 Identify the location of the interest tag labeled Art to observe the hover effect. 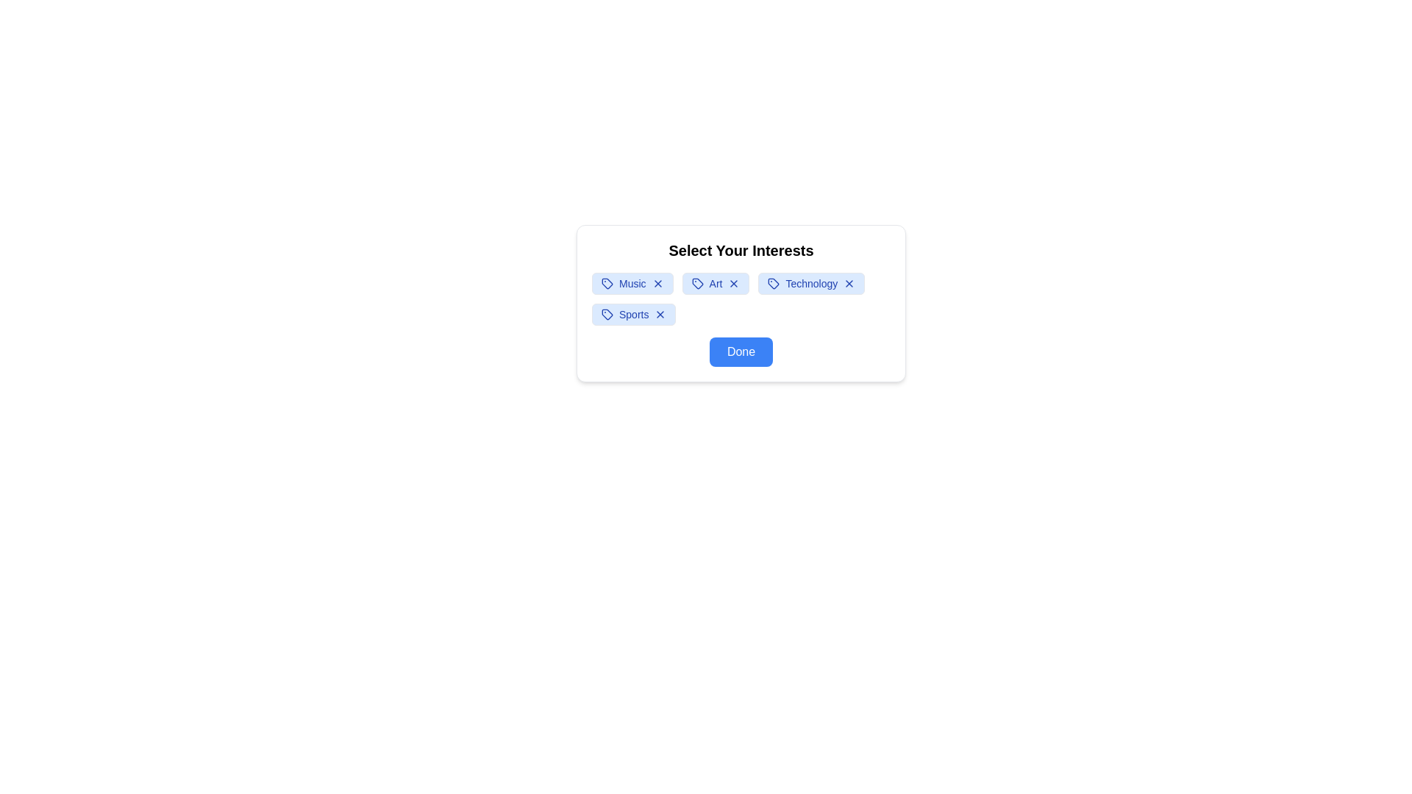
(716, 283).